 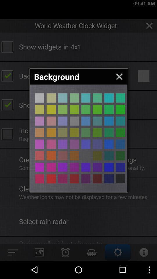 What do you see at coordinates (85, 167) in the screenshot?
I see `choose the colour` at bounding box center [85, 167].